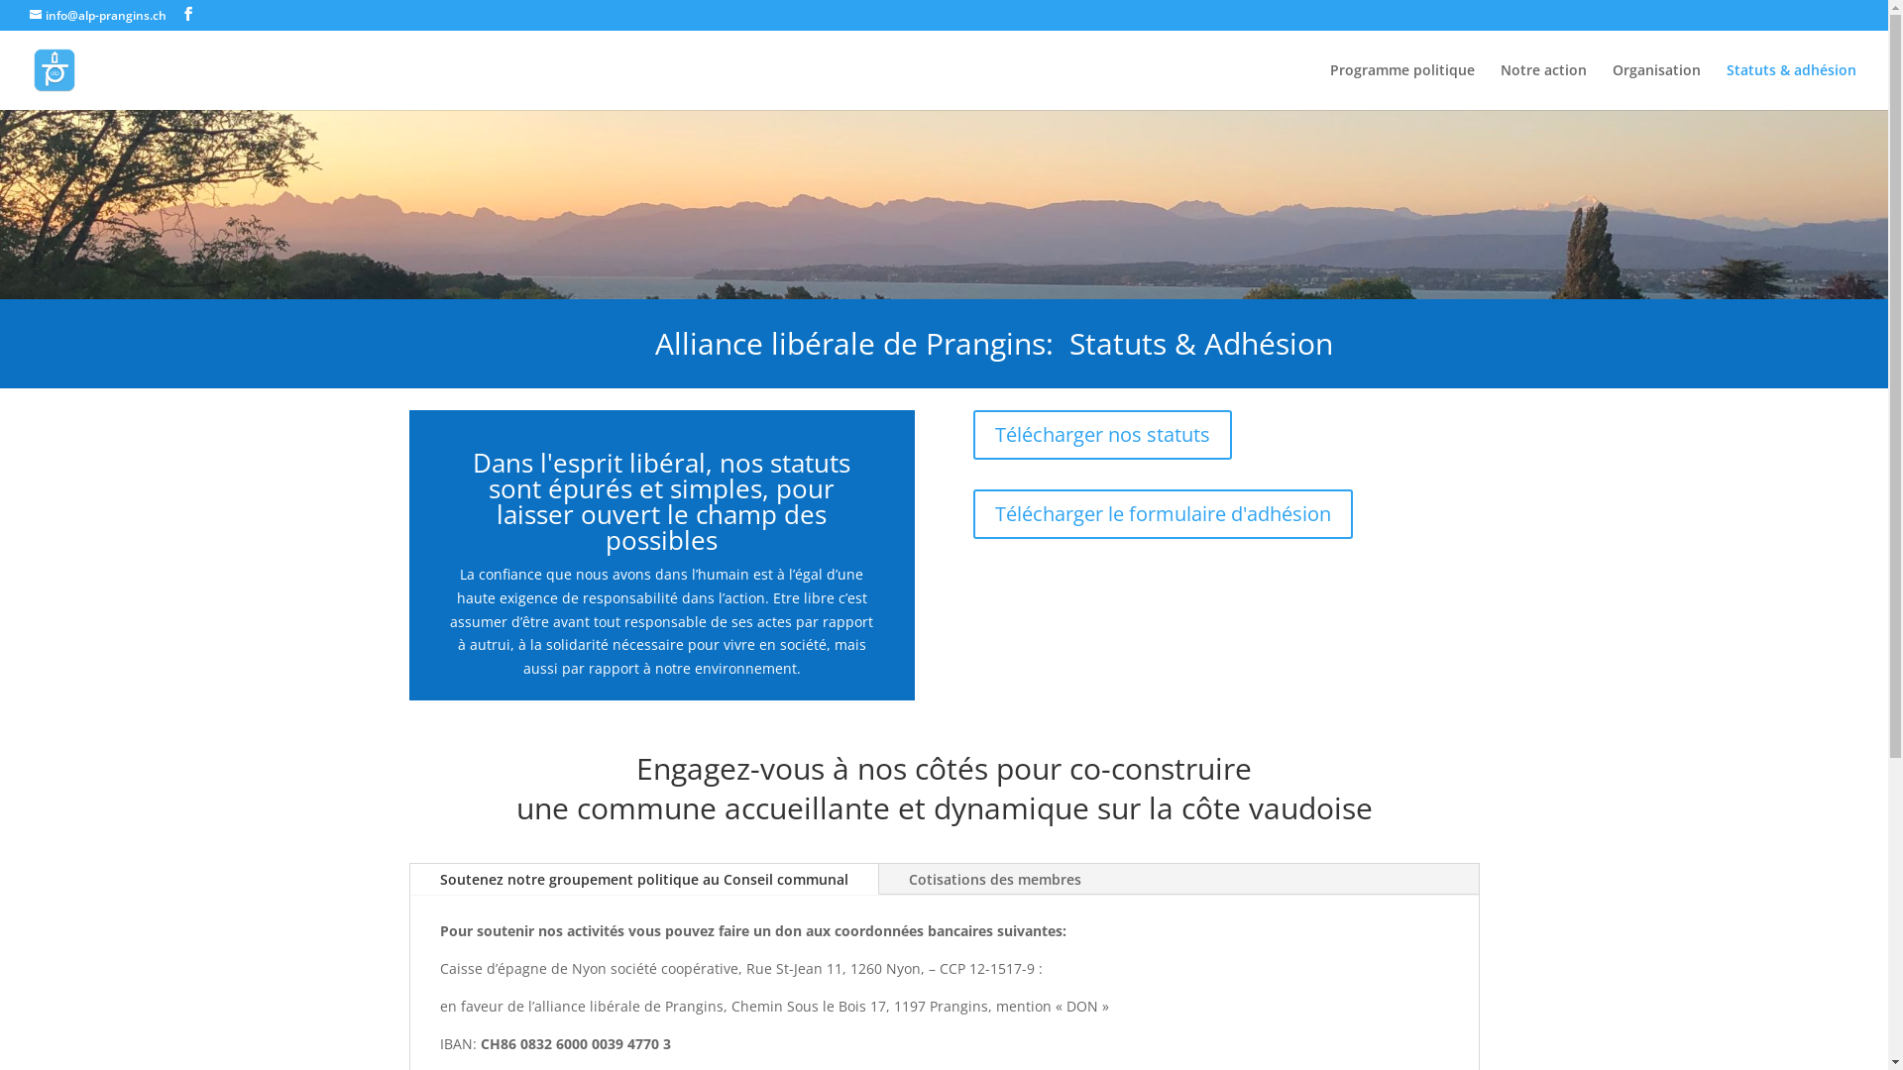  Describe the element at coordinates (29, 15) in the screenshot. I see `'info@alp-prangins.ch'` at that location.